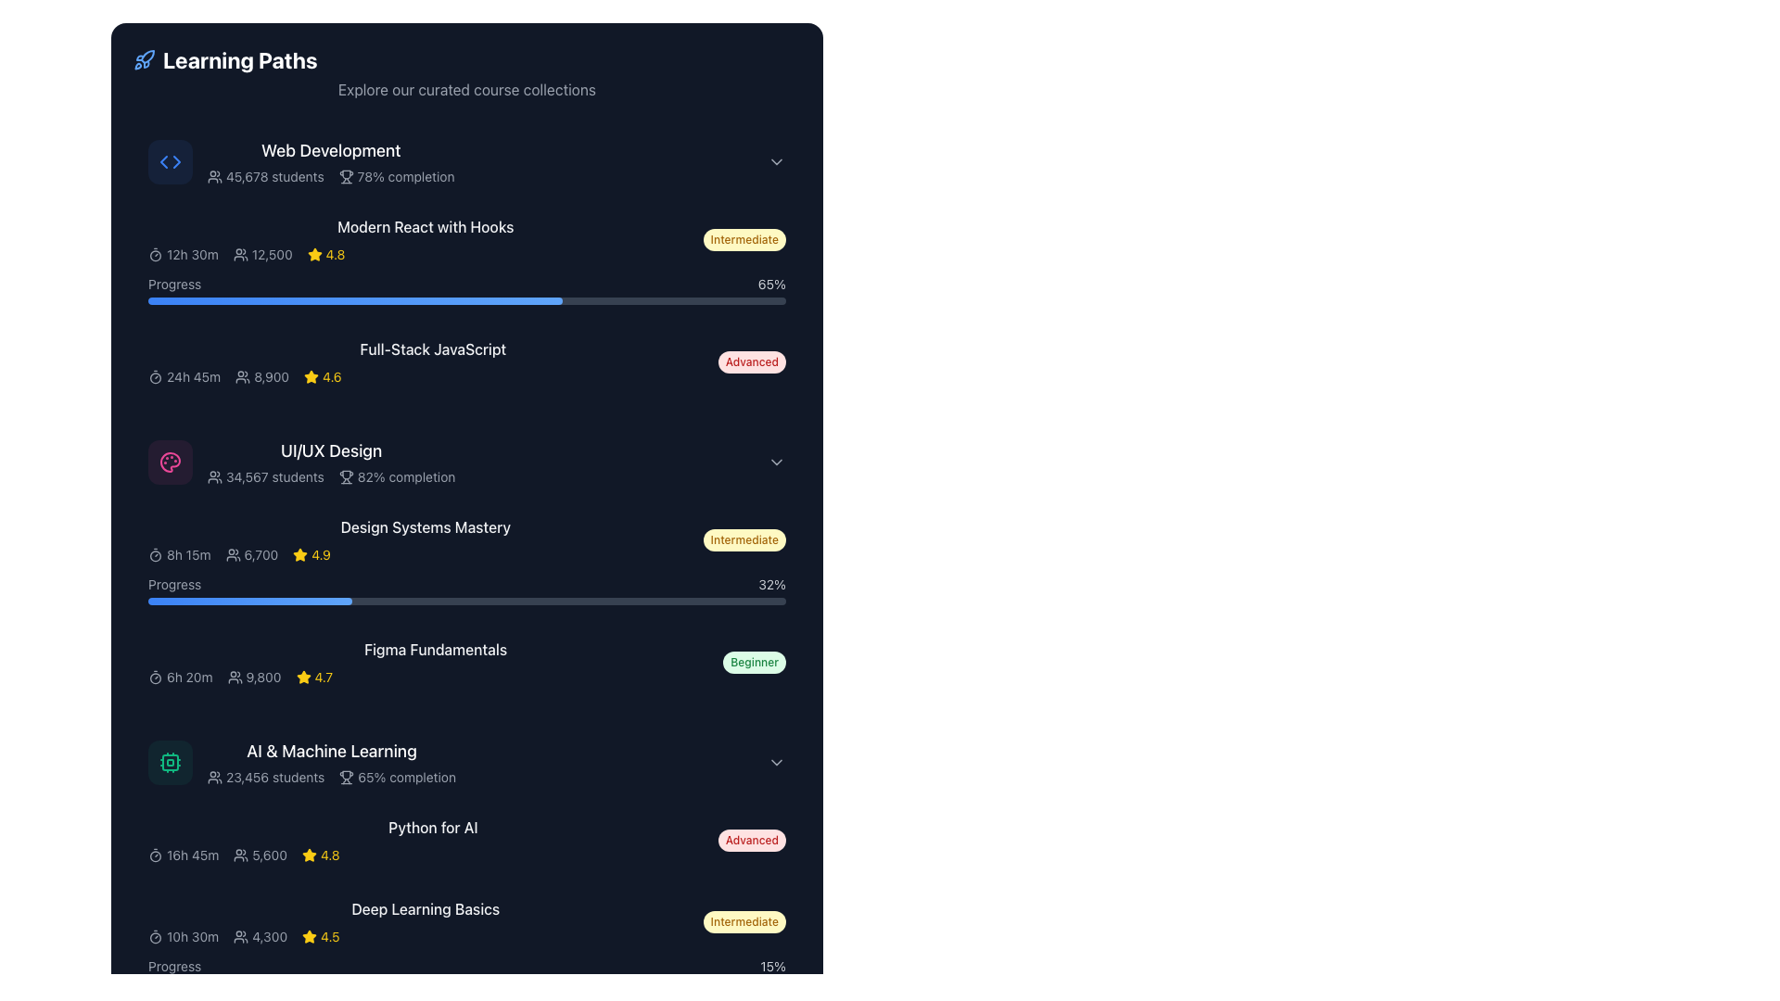 This screenshot has height=1001, width=1780. Describe the element at coordinates (331, 177) in the screenshot. I see `the informational label displaying '45,678 students • 78% completion' located beneath the 'Web Development' title` at that location.